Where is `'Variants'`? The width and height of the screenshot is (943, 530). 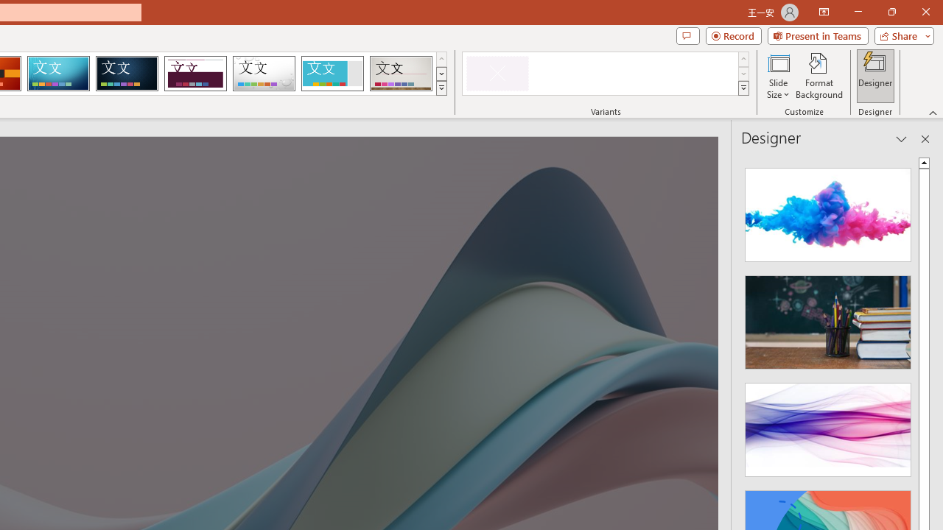
'Variants' is located at coordinates (743, 88).